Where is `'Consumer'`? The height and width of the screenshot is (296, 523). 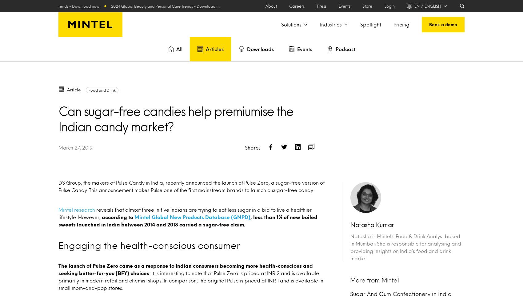
'Consumer' is located at coordinates (76, 258).